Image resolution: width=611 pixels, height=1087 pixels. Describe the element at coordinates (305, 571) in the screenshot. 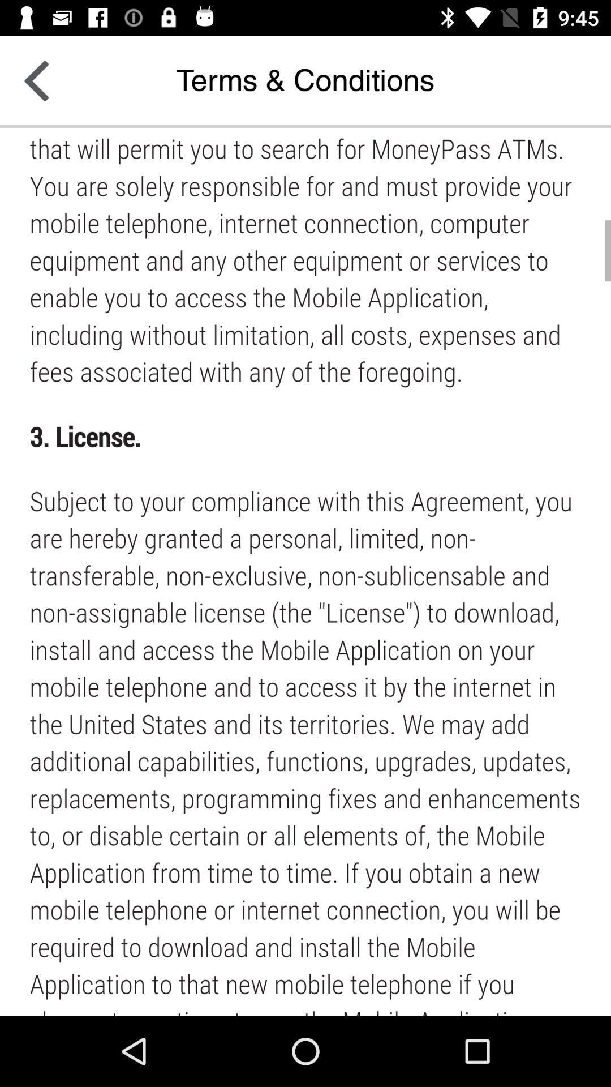

I see `advertisement` at that location.